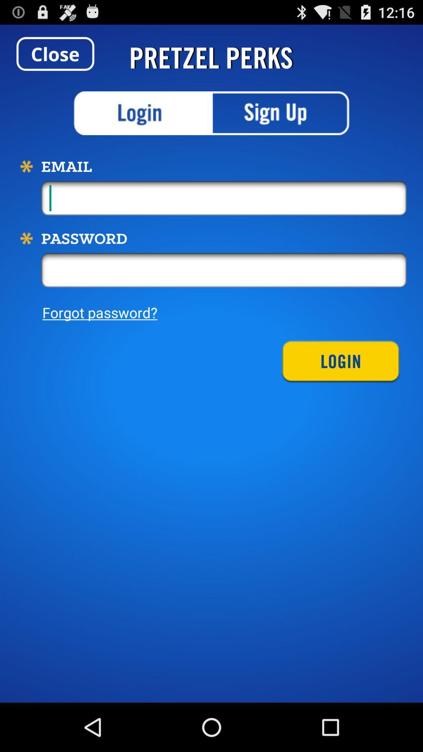 The width and height of the screenshot is (423, 752). I want to click on email, so click(224, 198).